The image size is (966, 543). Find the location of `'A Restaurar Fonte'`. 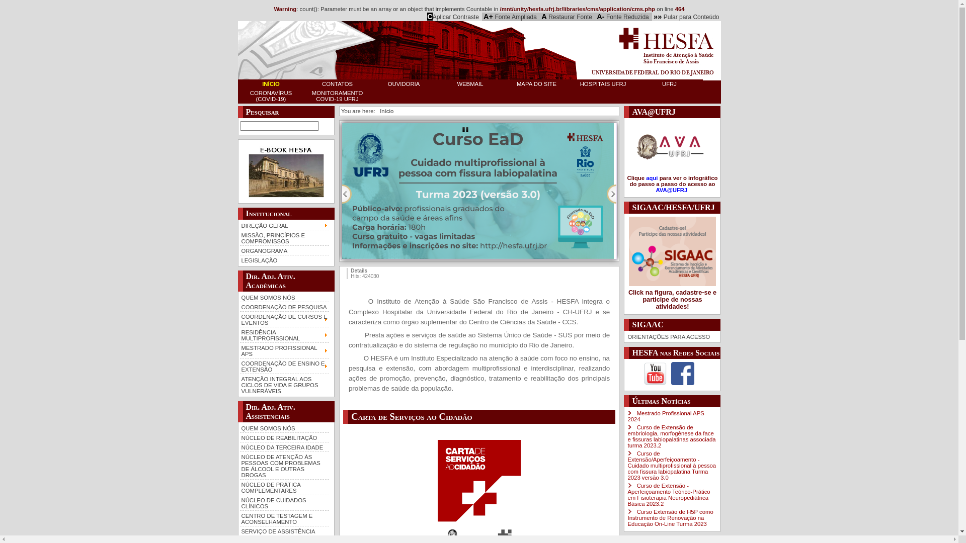

'A Restaurar Fonte' is located at coordinates (567, 17).